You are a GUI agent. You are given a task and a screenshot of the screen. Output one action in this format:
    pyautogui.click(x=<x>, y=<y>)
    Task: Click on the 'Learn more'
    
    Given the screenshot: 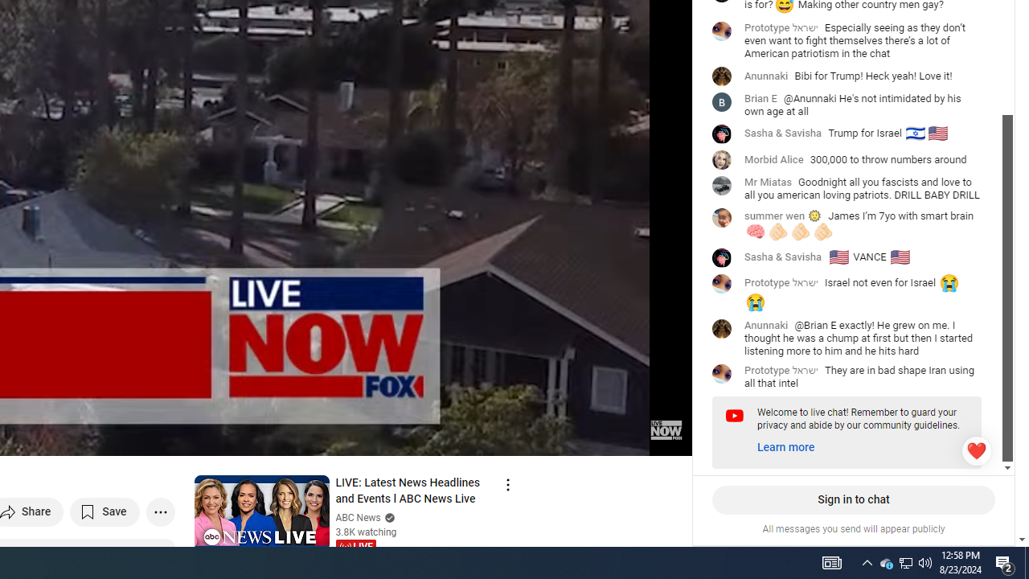 What is the action you would take?
    pyautogui.click(x=785, y=448)
    